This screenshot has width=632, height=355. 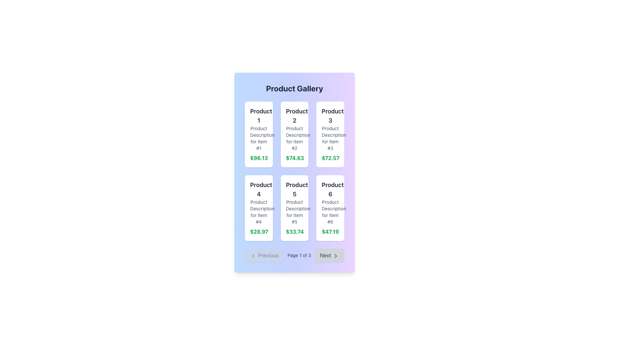 What do you see at coordinates (330, 158) in the screenshot?
I see `the text label displaying the price '$72.57' in bold green font located in the card for 'Product 3' in the product gallery` at bounding box center [330, 158].